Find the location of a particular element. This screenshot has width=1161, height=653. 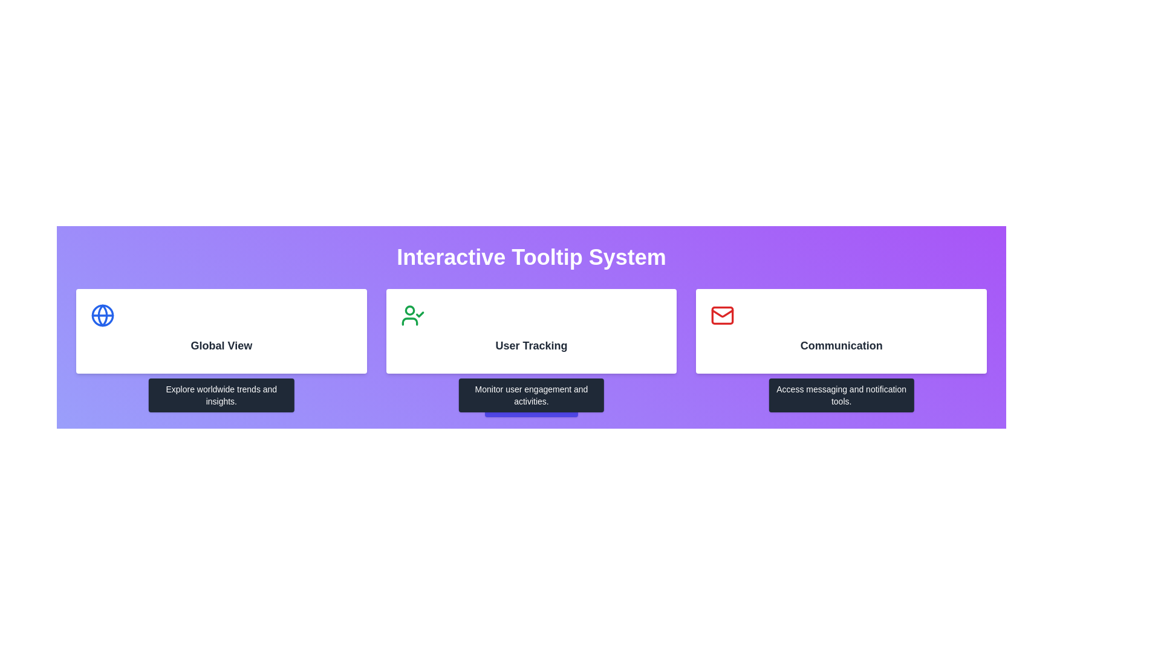

circular element of the 'lucide-user-check' SVG icon, which has a 4-unit radius and is located within the 'User Tracking' card area, for debugging purposes is located at coordinates (409, 310).